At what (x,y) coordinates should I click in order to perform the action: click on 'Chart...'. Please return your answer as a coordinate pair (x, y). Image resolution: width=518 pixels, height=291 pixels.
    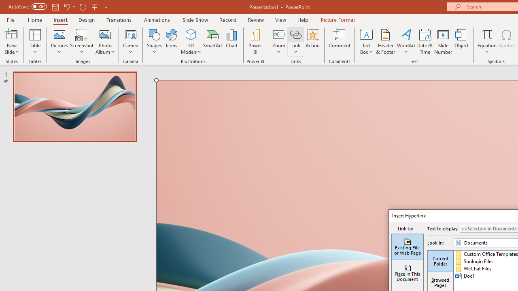
    Looking at the image, I should click on (231, 42).